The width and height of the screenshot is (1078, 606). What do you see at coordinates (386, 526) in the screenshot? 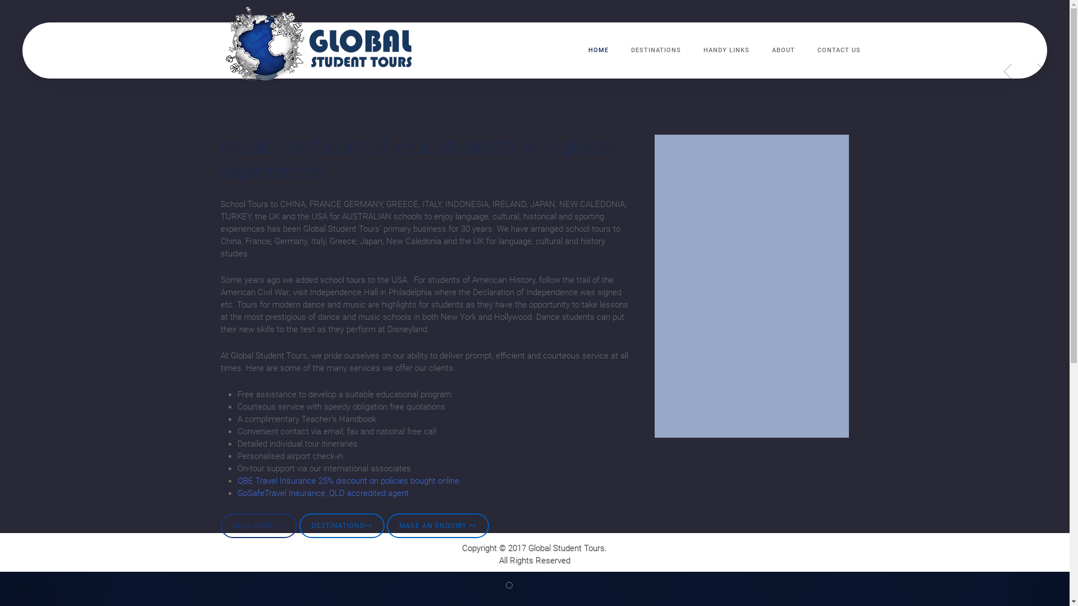
I see `'MAKE AN ENQUIRY >>'` at bounding box center [386, 526].